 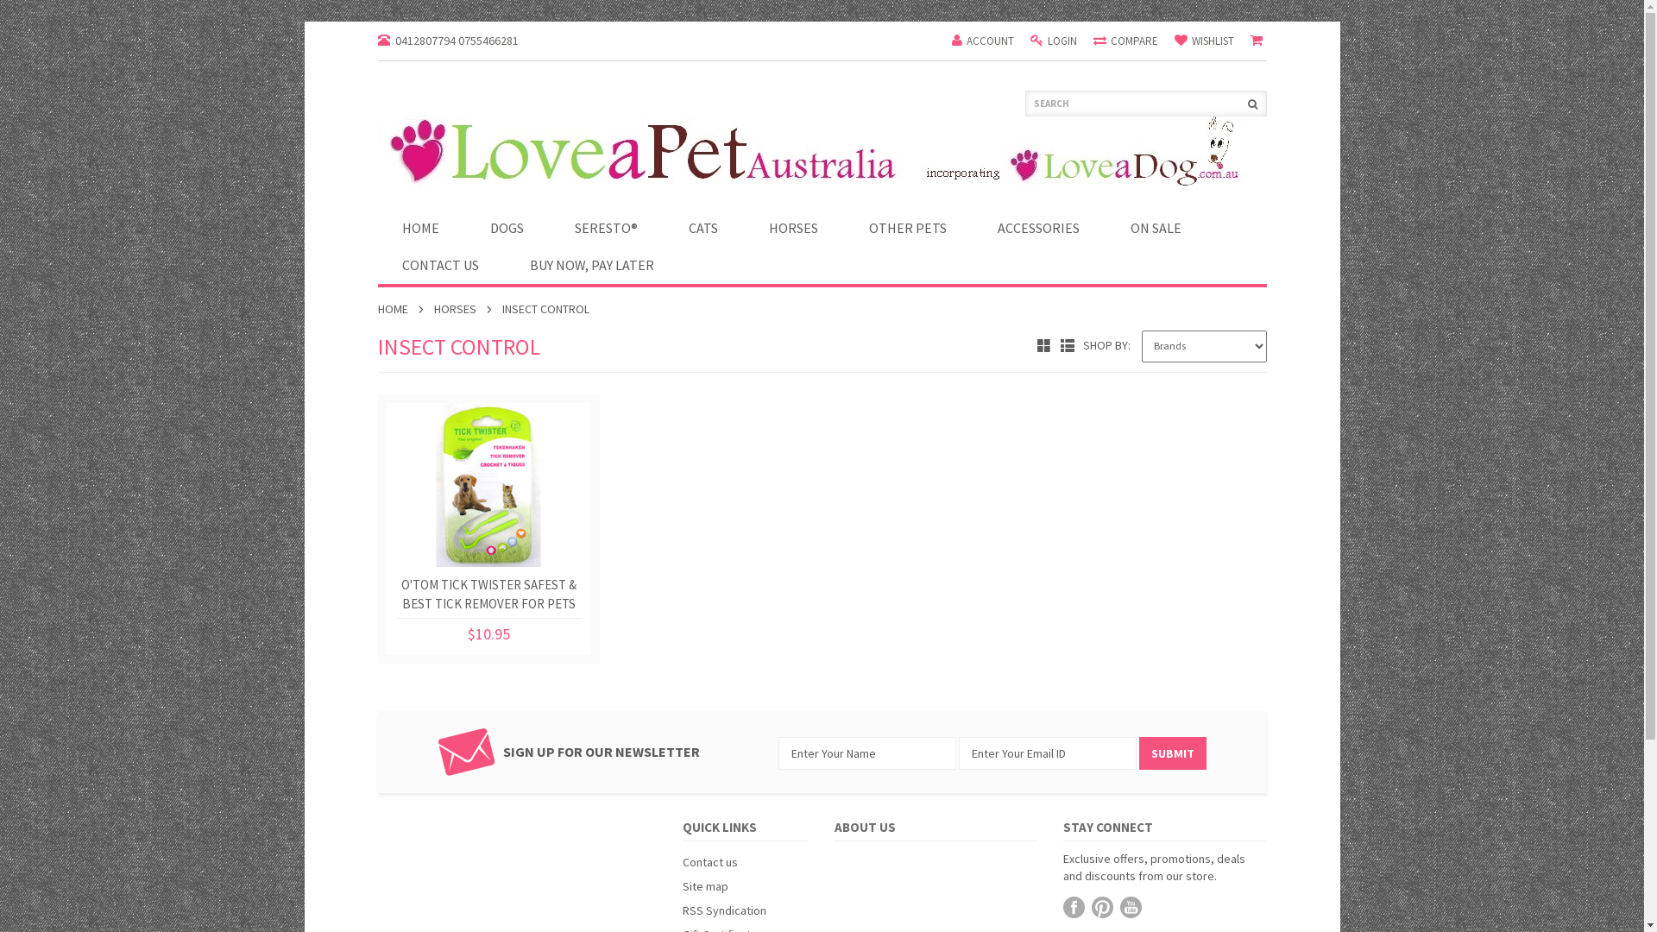 What do you see at coordinates (1037, 227) in the screenshot?
I see `'ACCESSORIES'` at bounding box center [1037, 227].